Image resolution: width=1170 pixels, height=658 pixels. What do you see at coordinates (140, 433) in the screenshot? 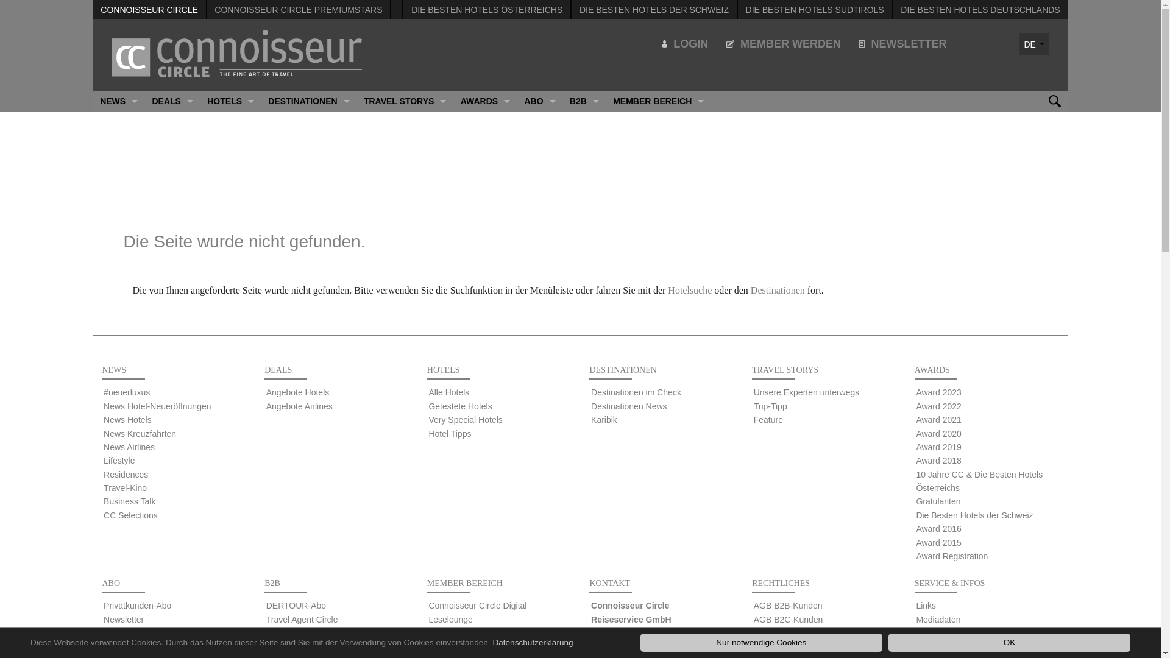
I see `'News Kreuzfahrten'` at bounding box center [140, 433].